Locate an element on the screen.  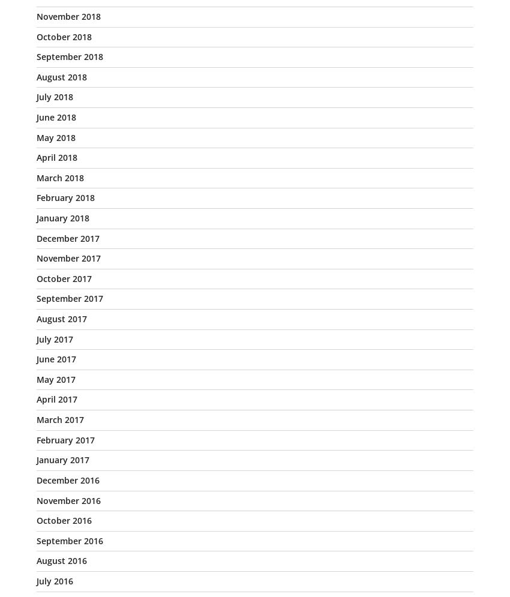
'July 2017' is located at coordinates (54, 338).